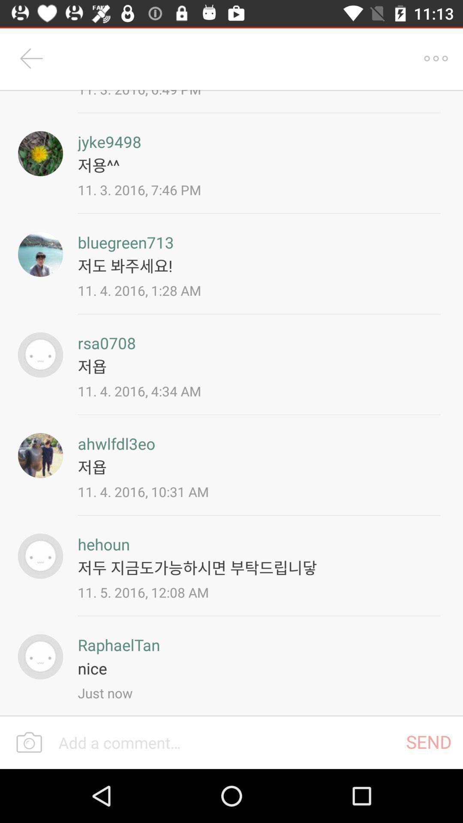 The height and width of the screenshot is (823, 463). What do you see at coordinates (40, 656) in the screenshot?
I see `profile` at bounding box center [40, 656].